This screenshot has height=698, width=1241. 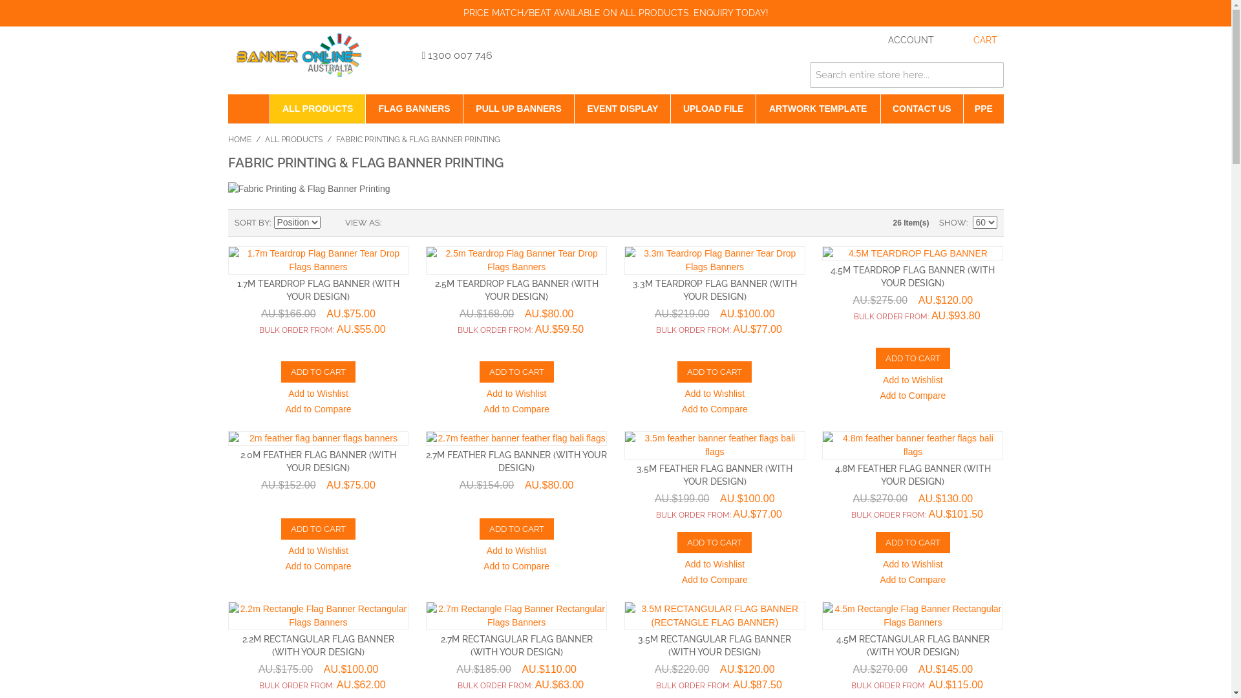 What do you see at coordinates (317, 328) in the screenshot?
I see `'BULK ORDER FROM: AU.$55.00'` at bounding box center [317, 328].